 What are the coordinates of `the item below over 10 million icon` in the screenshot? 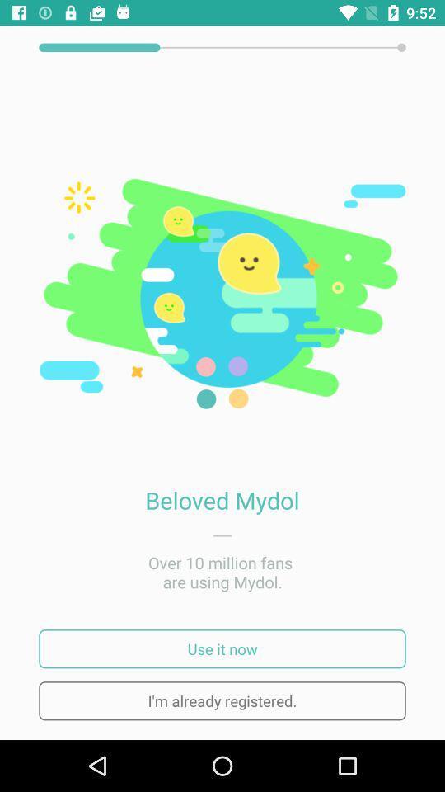 It's located at (222, 648).